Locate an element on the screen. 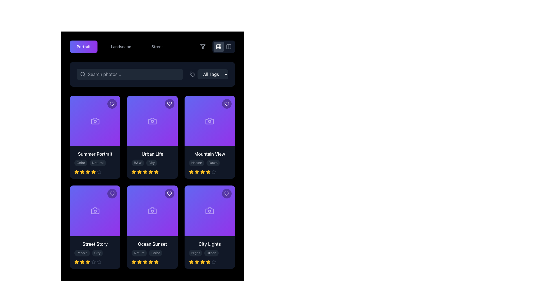  the filter icon located in the upper-right corner of the interface is located at coordinates (203, 46).